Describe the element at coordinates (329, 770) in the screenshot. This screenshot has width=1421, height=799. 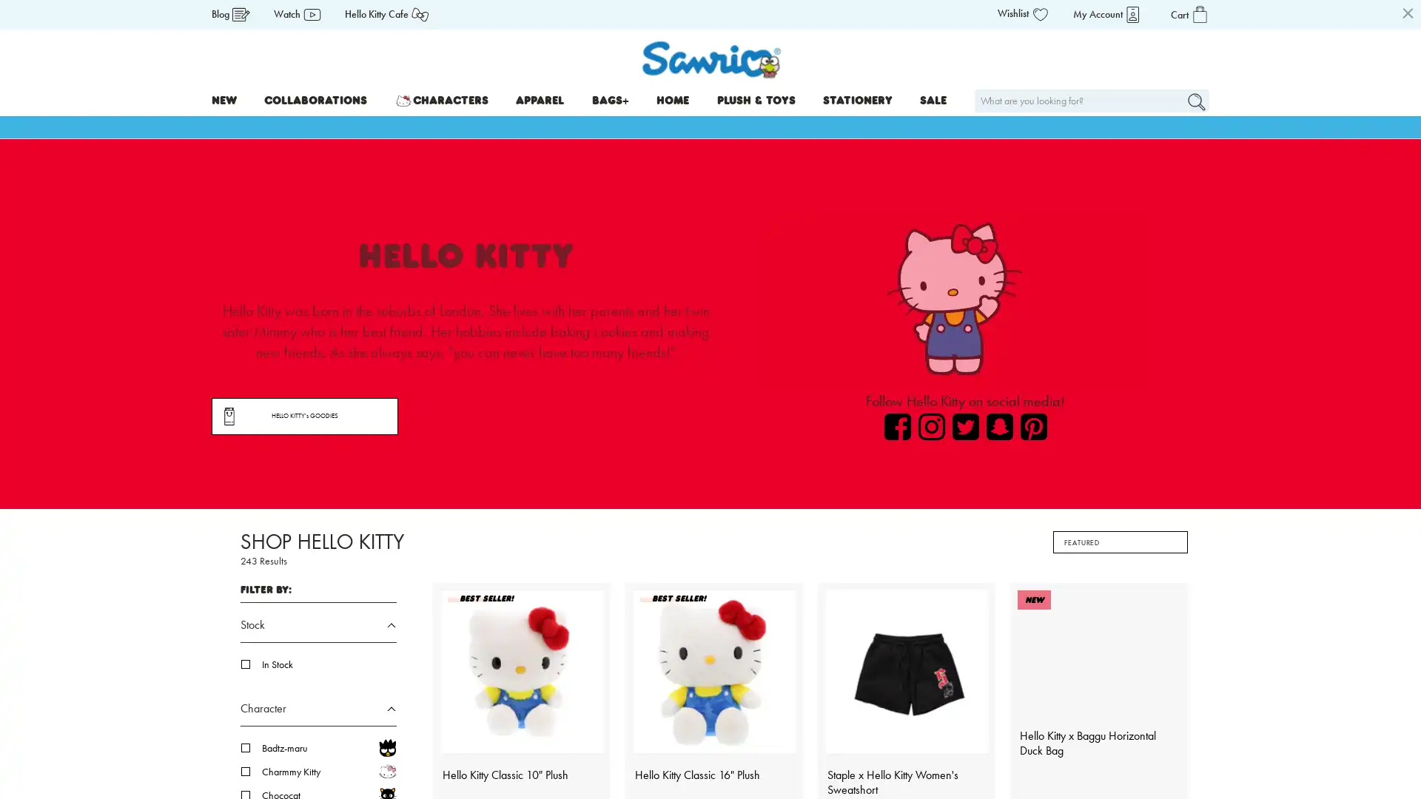
I see `Charmmy Kitty` at that location.